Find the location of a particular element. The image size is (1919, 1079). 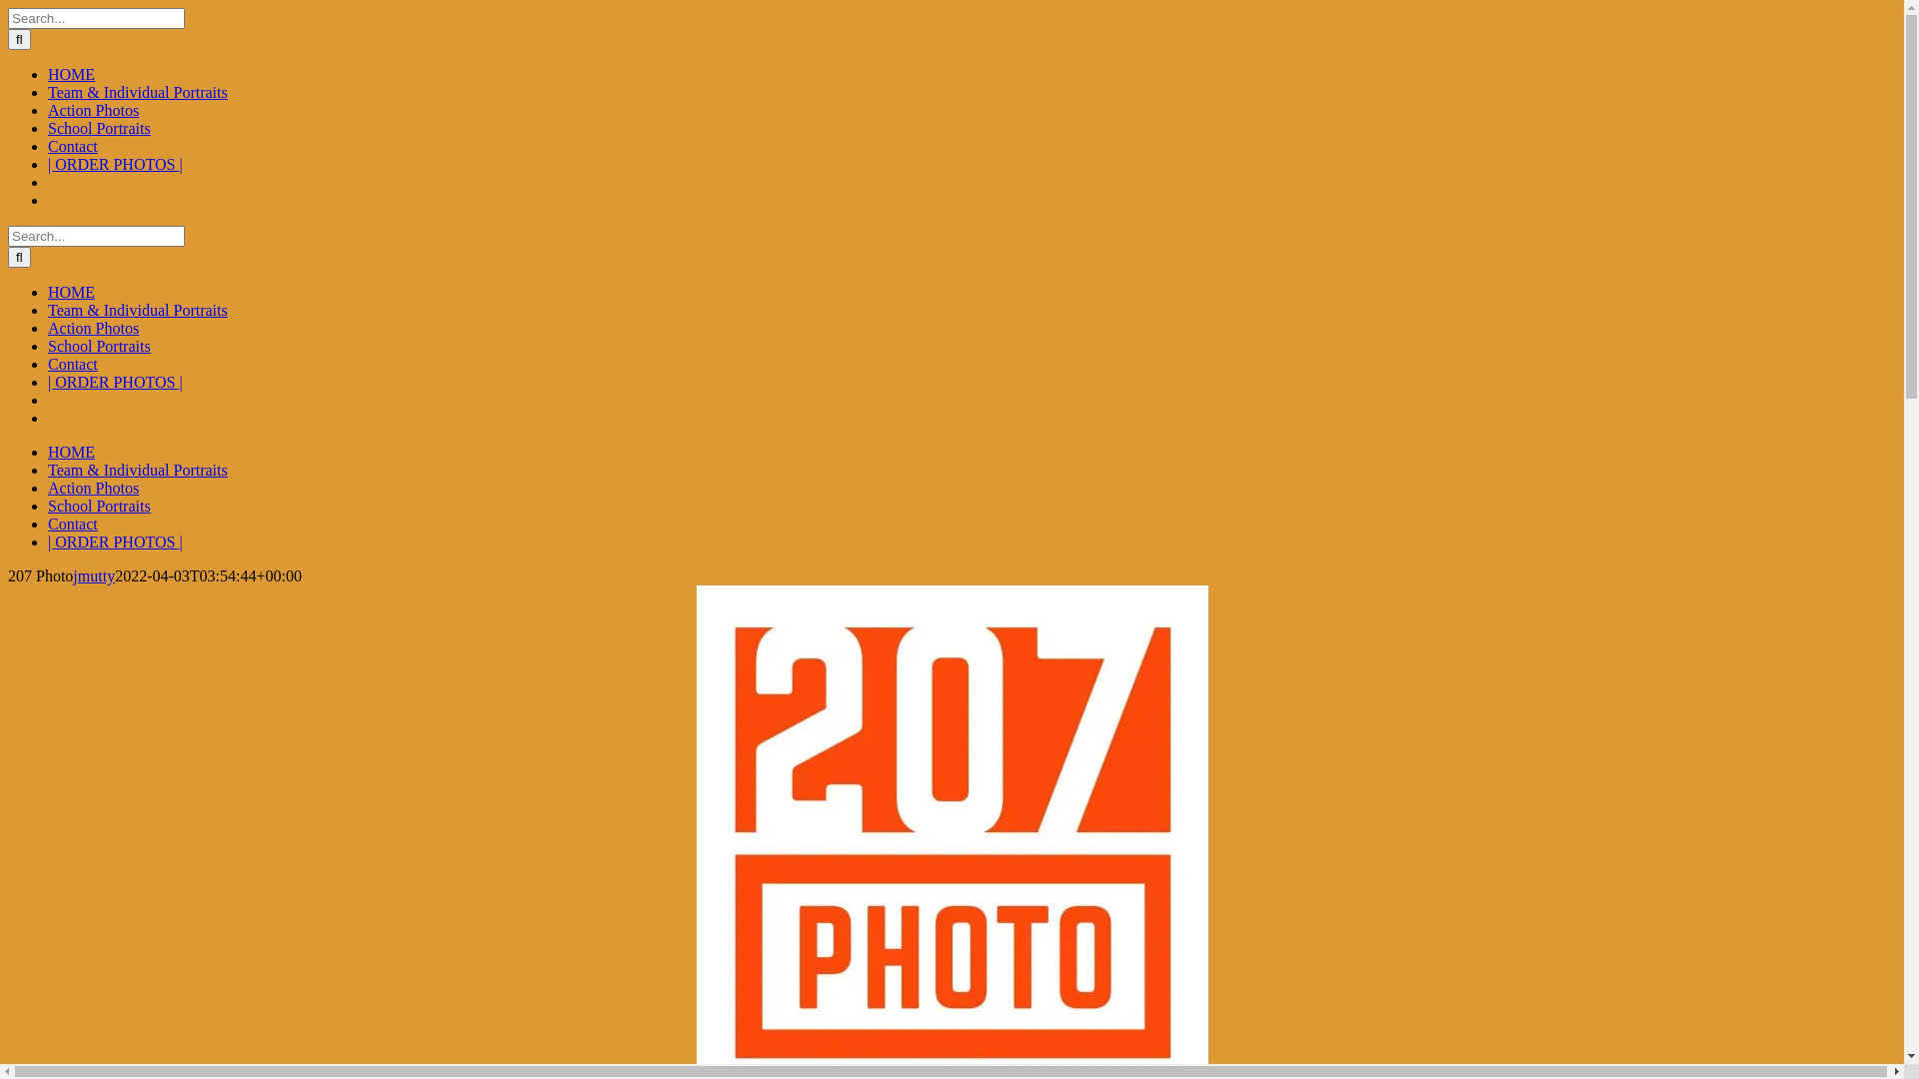

'School Portraits' is located at coordinates (48, 345).